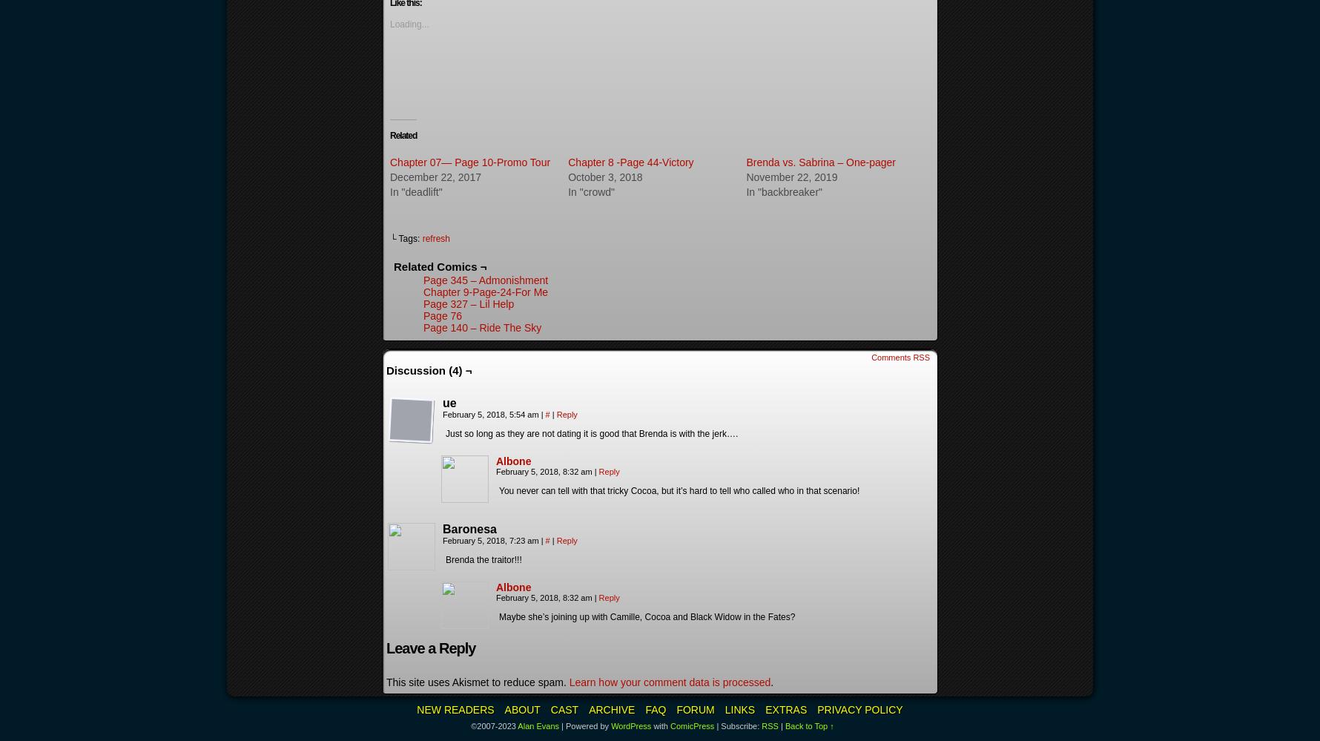 The height and width of the screenshot is (741, 1320). Describe the element at coordinates (486, 292) in the screenshot. I see `'Chapter 9-Page-24-For Me'` at that location.